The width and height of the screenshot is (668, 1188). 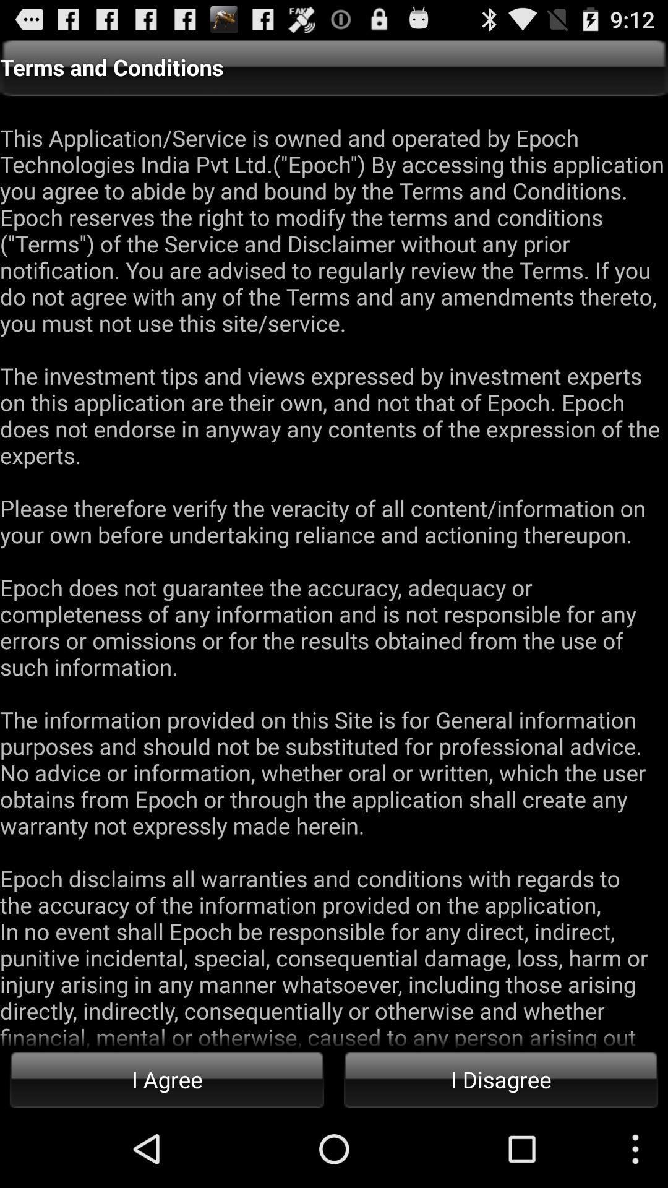 I want to click on the icon to the left of the  i disagree  button, so click(x=167, y=1078).